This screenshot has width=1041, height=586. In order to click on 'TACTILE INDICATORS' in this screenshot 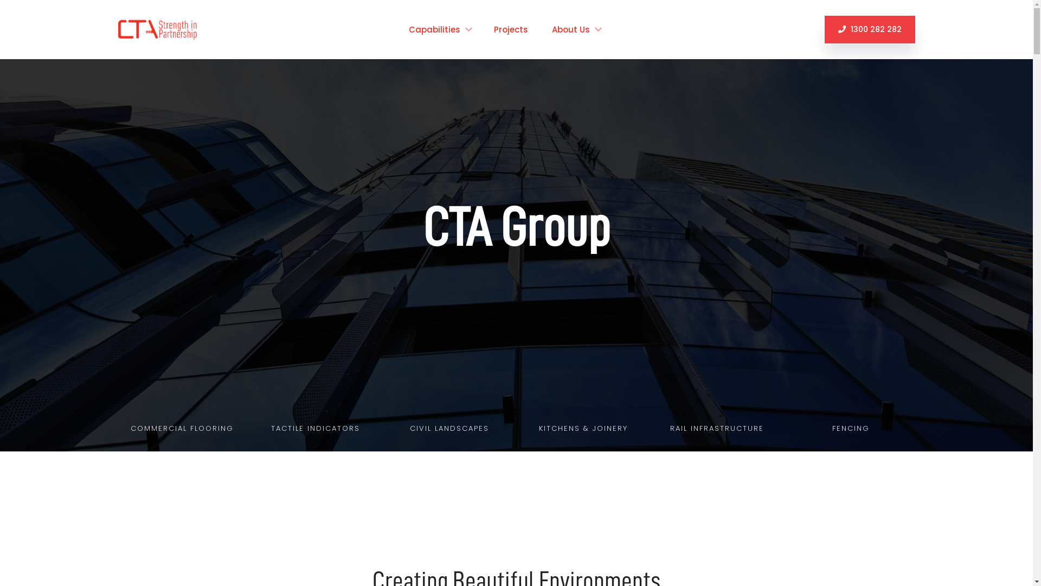, I will do `click(315, 428)`.